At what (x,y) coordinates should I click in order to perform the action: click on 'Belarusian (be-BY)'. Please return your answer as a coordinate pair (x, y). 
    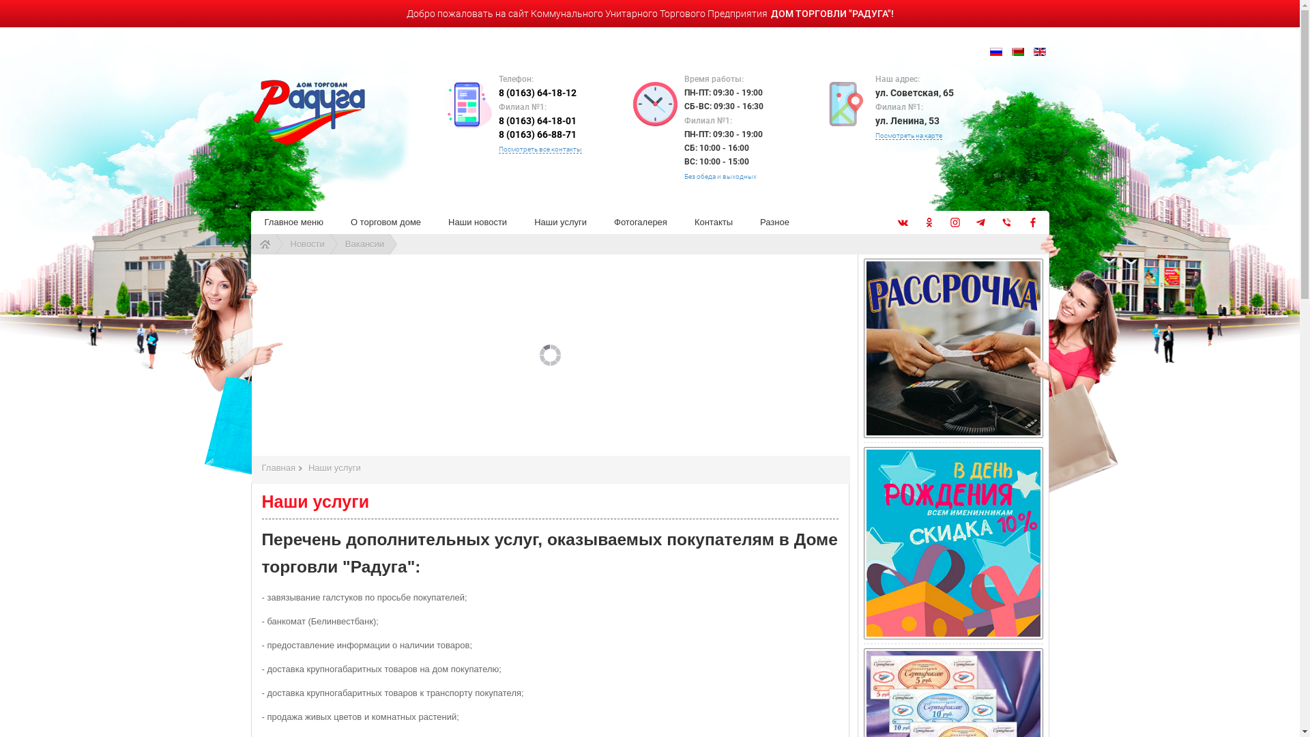
    Looking at the image, I should click on (1018, 51).